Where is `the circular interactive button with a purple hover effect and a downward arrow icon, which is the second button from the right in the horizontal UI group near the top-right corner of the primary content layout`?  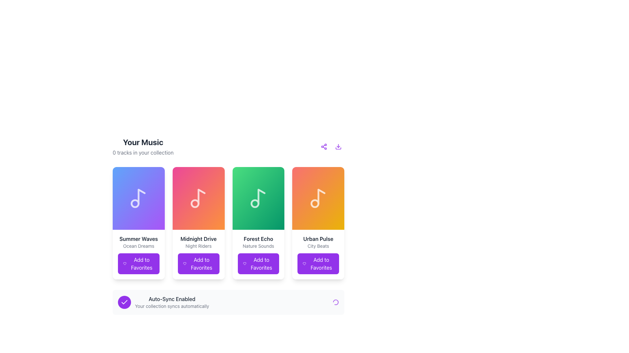 the circular interactive button with a purple hover effect and a downward arrow icon, which is the second button from the right in the horizontal UI group near the top-right corner of the primary content layout is located at coordinates (338, 146).